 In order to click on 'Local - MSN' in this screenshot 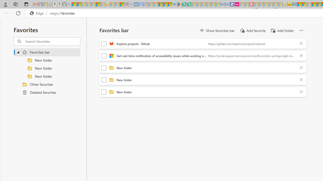, I will do `click(122, 4)`.